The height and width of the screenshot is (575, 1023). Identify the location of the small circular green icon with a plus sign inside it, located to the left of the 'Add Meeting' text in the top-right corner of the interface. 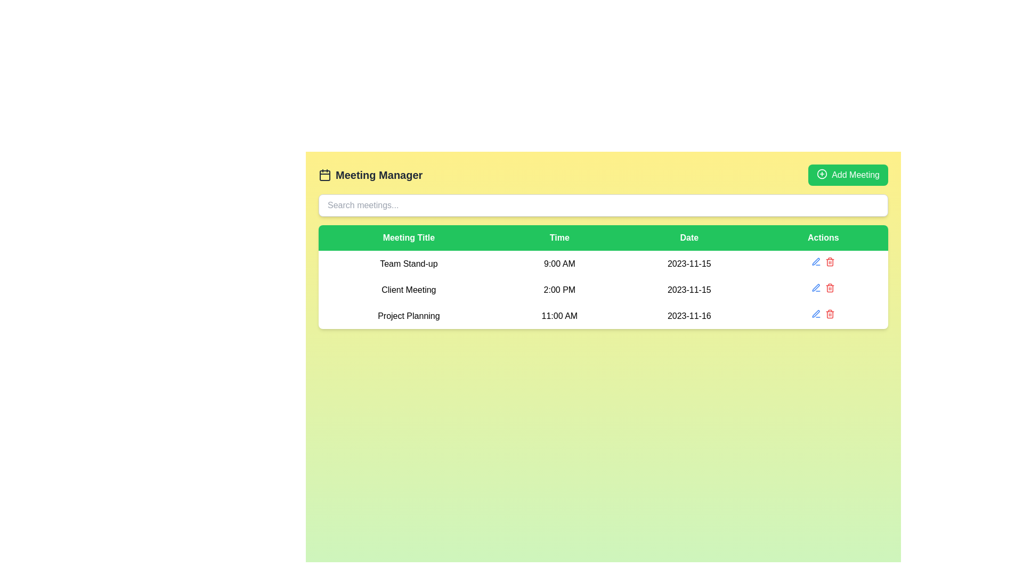
(822, 174).